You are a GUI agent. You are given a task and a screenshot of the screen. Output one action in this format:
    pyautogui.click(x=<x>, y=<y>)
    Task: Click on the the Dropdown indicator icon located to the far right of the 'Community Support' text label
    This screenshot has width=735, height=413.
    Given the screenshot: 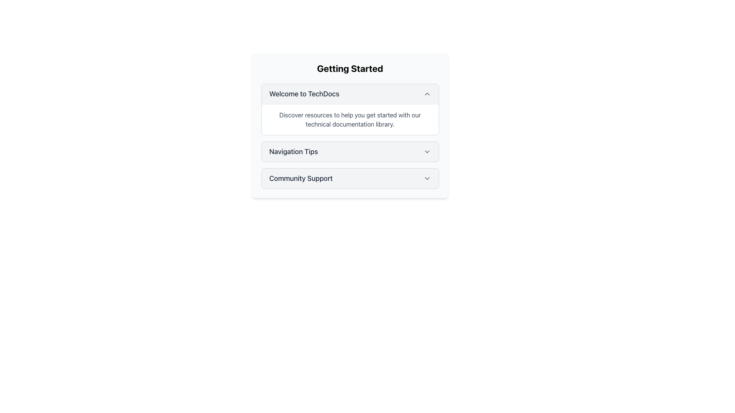 What is the action you would take?
    pyautogui.click(x=426, y=178)
    